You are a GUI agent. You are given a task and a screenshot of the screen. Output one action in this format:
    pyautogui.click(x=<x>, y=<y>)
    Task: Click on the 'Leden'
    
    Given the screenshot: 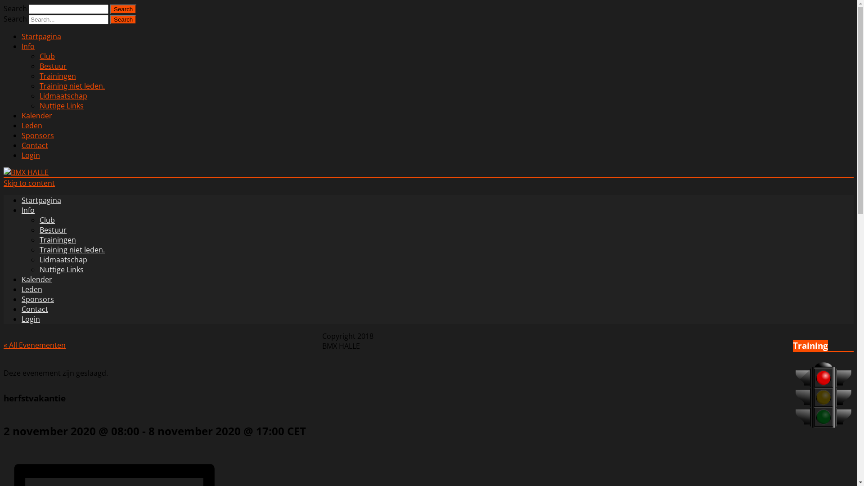 What is the action you would take?
    pyautogui.click(x=32, y=289)
    